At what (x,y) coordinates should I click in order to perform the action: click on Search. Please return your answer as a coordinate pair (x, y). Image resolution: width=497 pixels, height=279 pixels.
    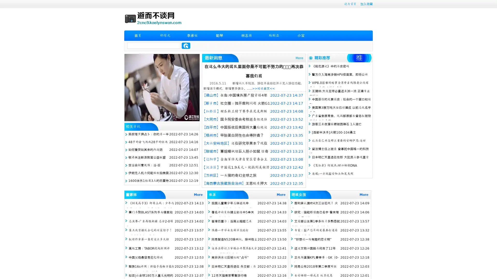
    Looking at the image, I should click on (186, 45).